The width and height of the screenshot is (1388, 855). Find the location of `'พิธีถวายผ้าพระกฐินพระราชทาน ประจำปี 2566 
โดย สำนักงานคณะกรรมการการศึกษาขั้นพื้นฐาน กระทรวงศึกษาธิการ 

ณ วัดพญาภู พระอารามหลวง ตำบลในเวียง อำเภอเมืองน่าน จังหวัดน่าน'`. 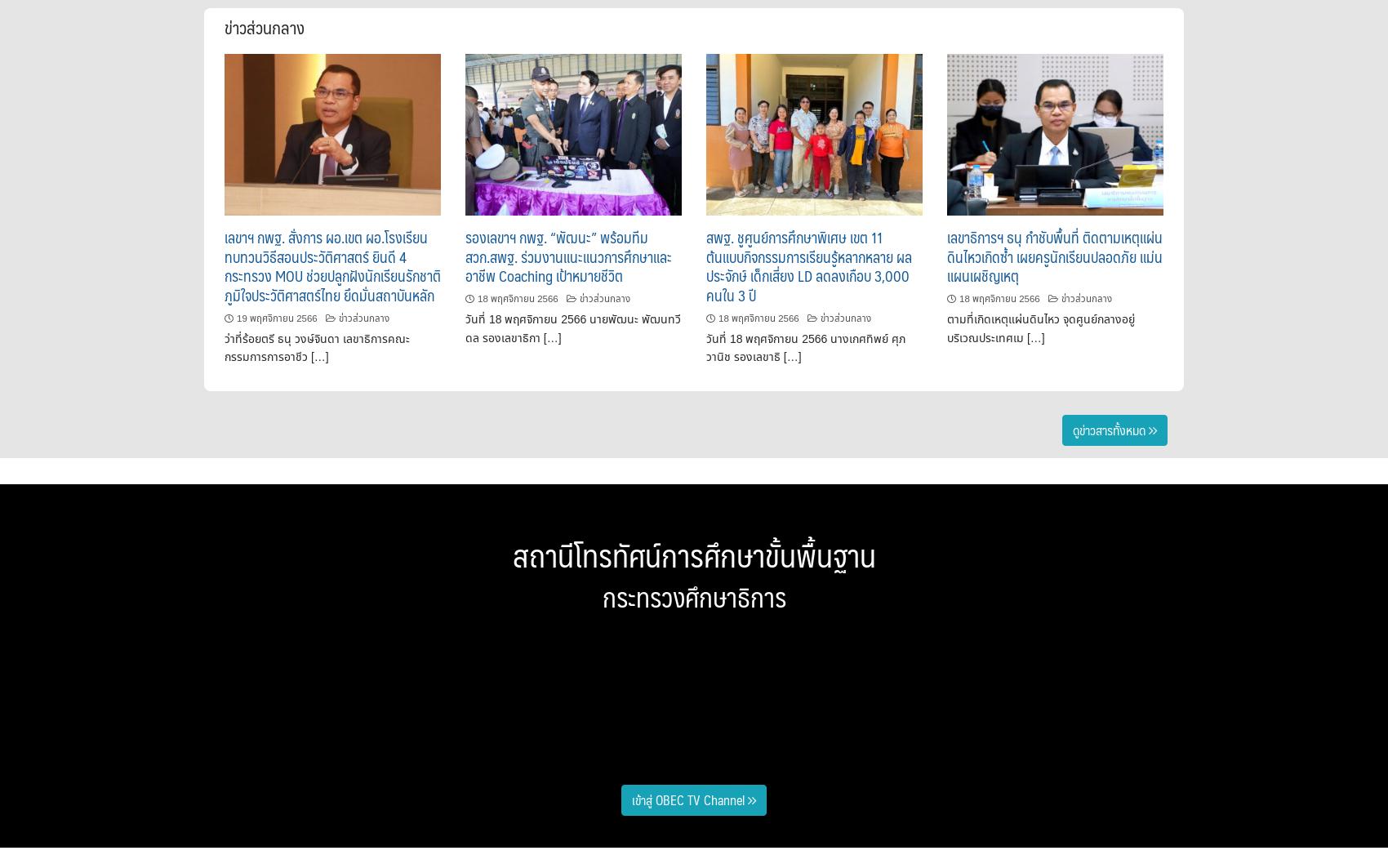

'พิธีถวายผ้าพระกฐินพระราชทาน ประจำปี 2566 
โดย สำนักงานคณะกรรมการการศึกษาขั้นพื้นฐาน กระทรวงศึกษาธิการ 

ณ วัดพญาภู พระอารามหลวง ตำบลในเวียง อำเภอเมืองน่าน จังหวัดน่าน' is located at coordinates (444, 693).